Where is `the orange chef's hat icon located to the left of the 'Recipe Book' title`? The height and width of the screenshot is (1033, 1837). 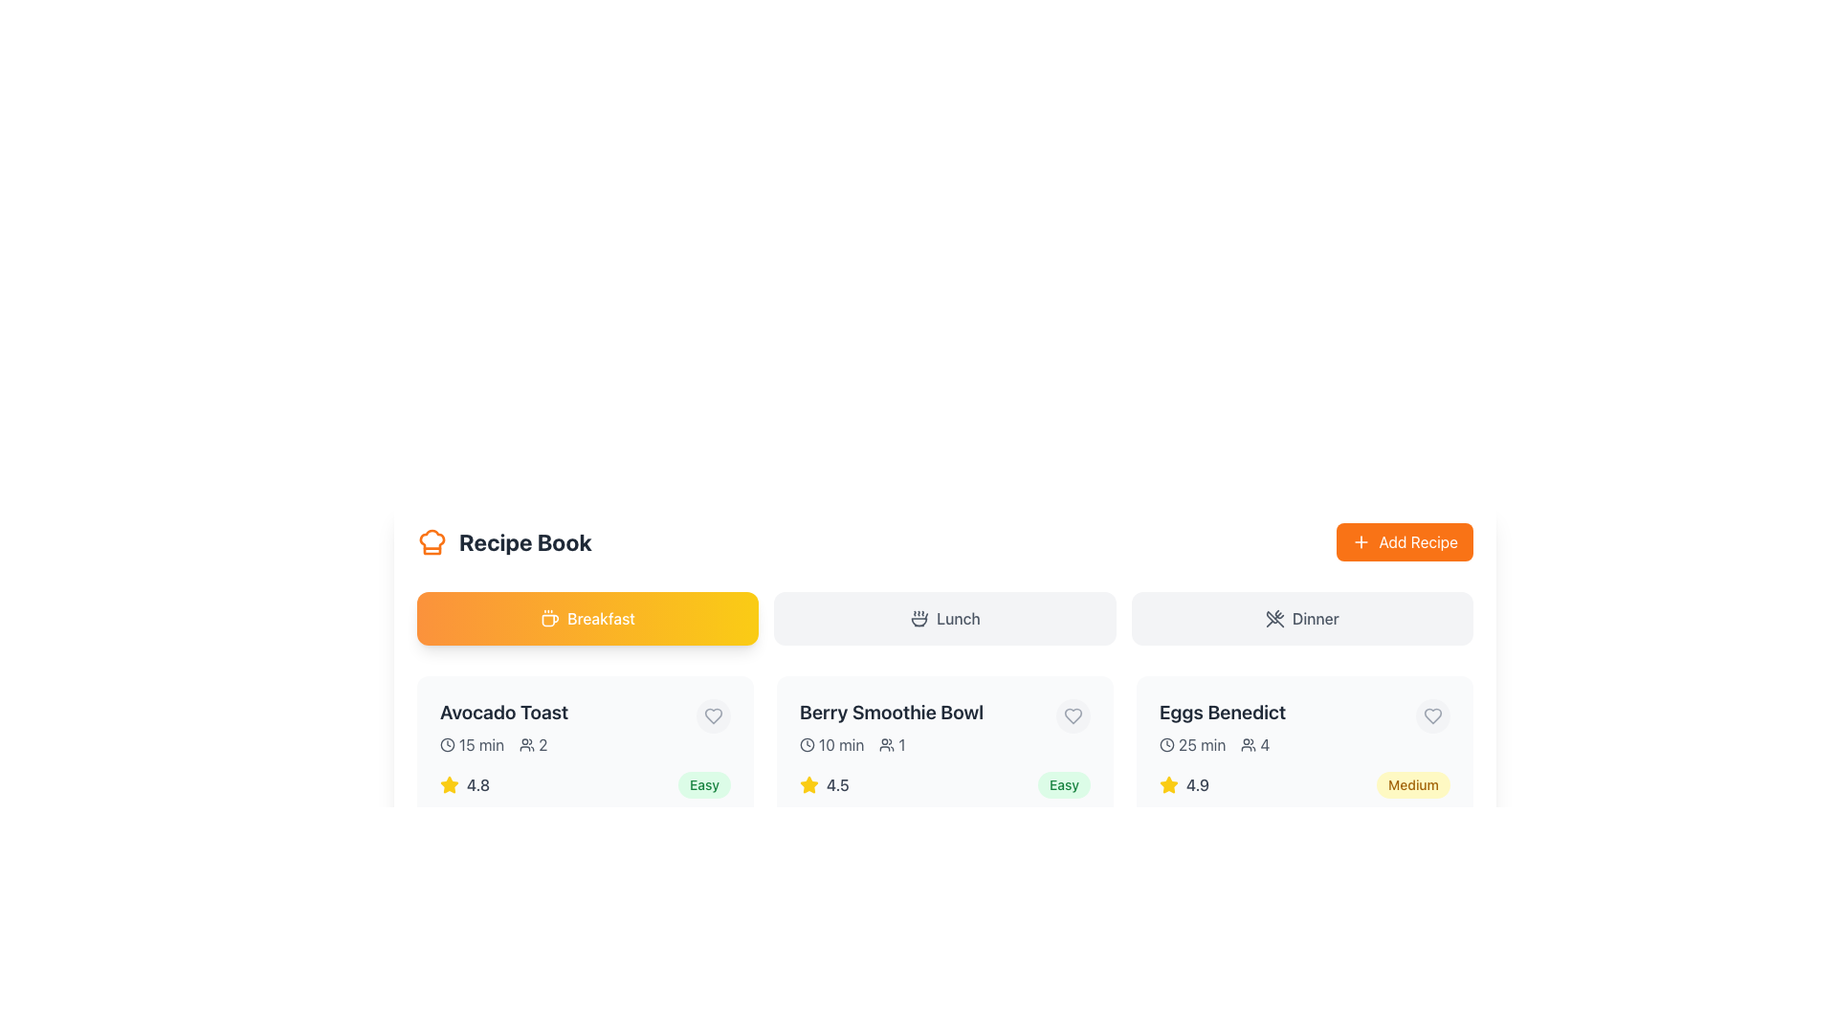 the orange chef's hat icon located to the left of the 'Recipe Book' title is located at coordinates (431, 542).